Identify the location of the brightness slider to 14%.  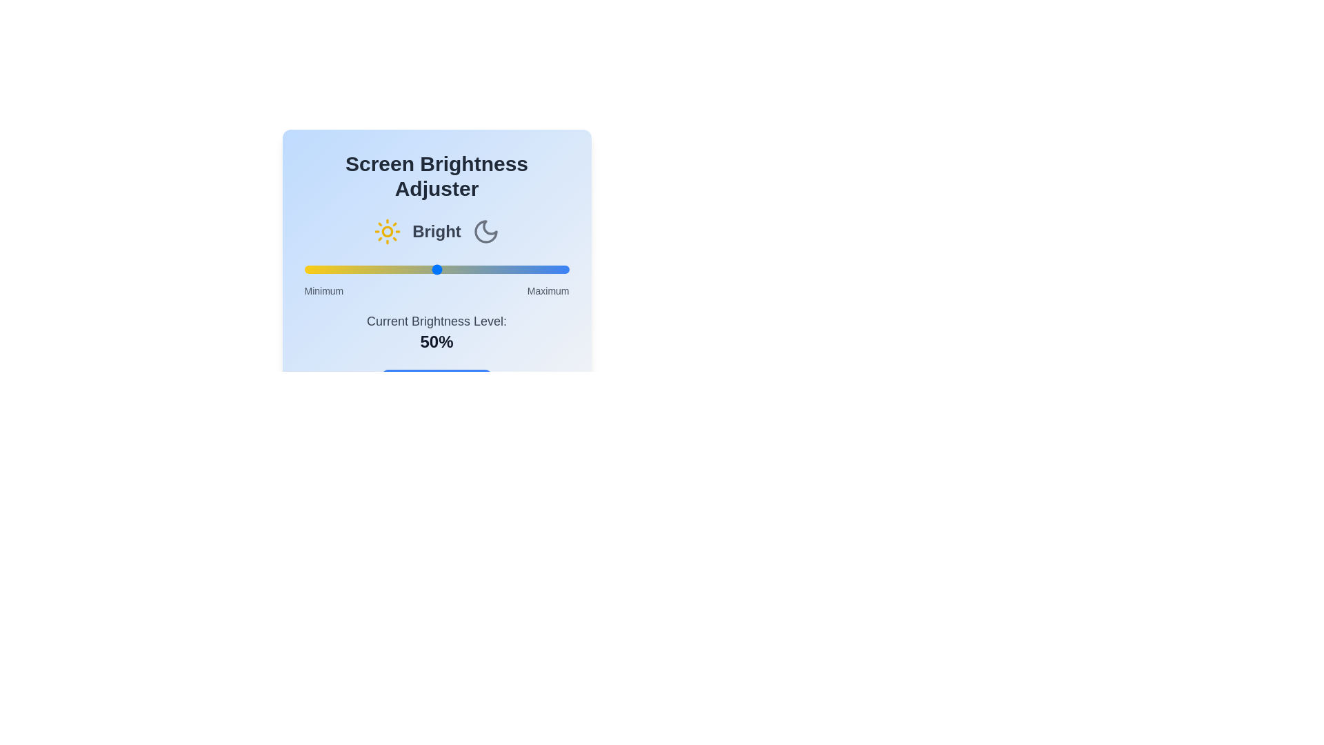
(341, 269).